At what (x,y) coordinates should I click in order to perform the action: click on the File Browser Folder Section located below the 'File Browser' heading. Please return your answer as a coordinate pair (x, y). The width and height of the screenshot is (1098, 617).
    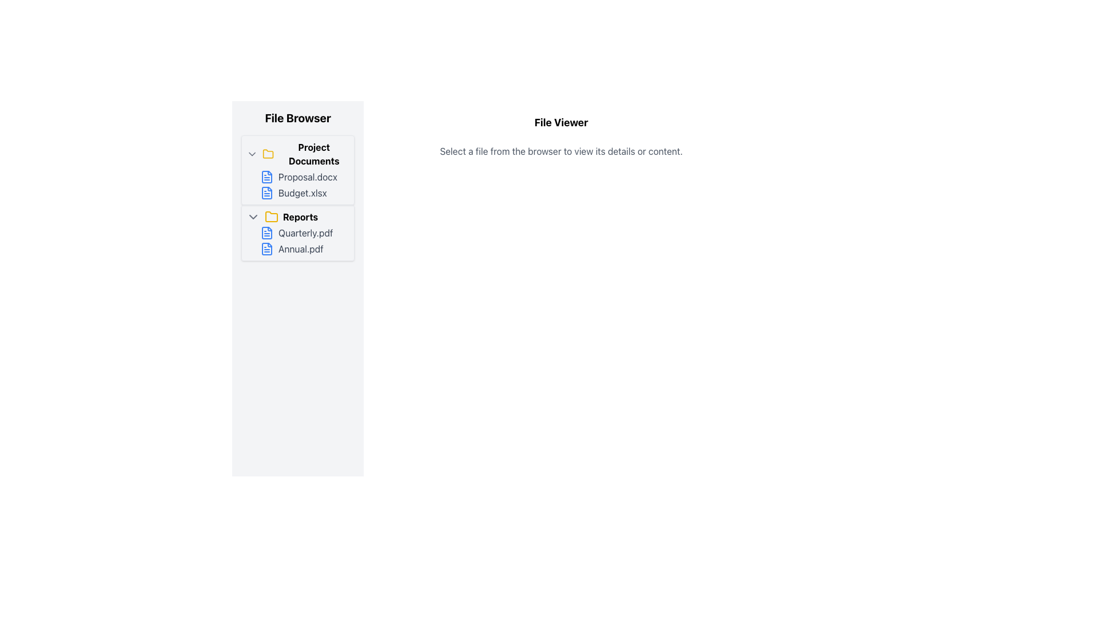
    Looking at the image, I should click on (298, 170).